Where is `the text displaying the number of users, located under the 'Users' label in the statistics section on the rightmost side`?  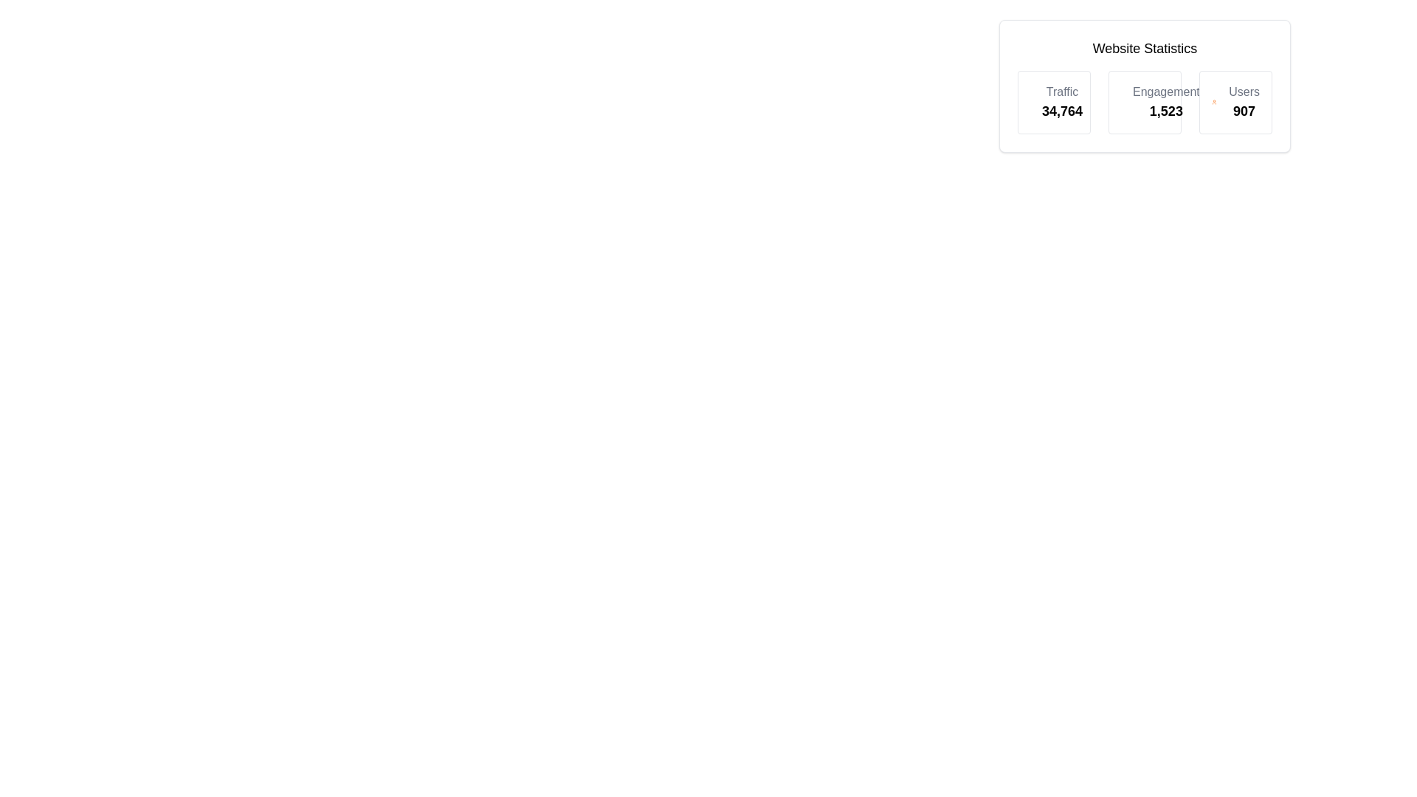
the text displaying the number of users, located under the 'Users' label in the statistics section on the rightmost side is located at coordinates (1244, 110).